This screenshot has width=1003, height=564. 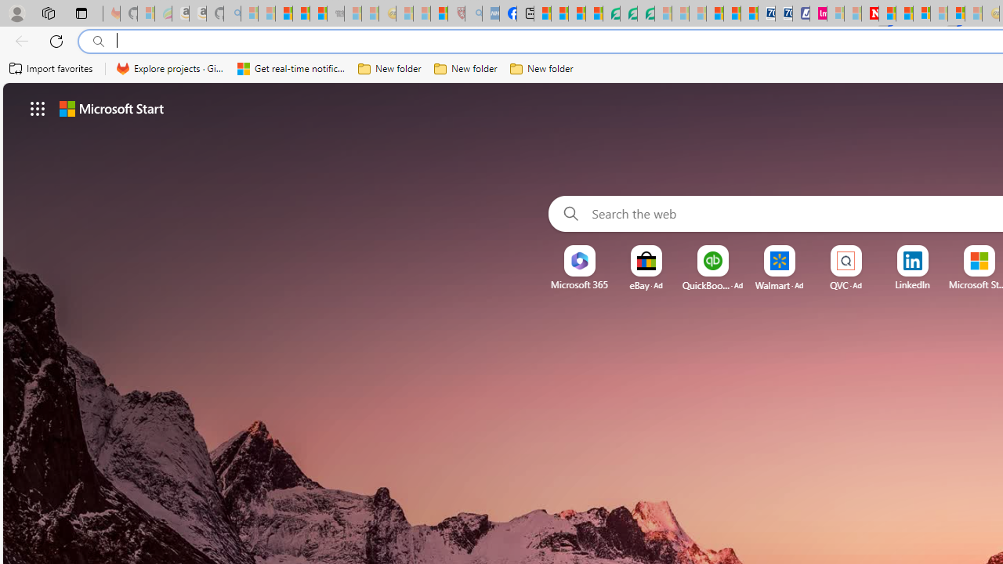 What do you see at coordinates (628, 13) in the screenshot?
I see `'Terms of Use Agreement'` at bounding box center [628, 13].